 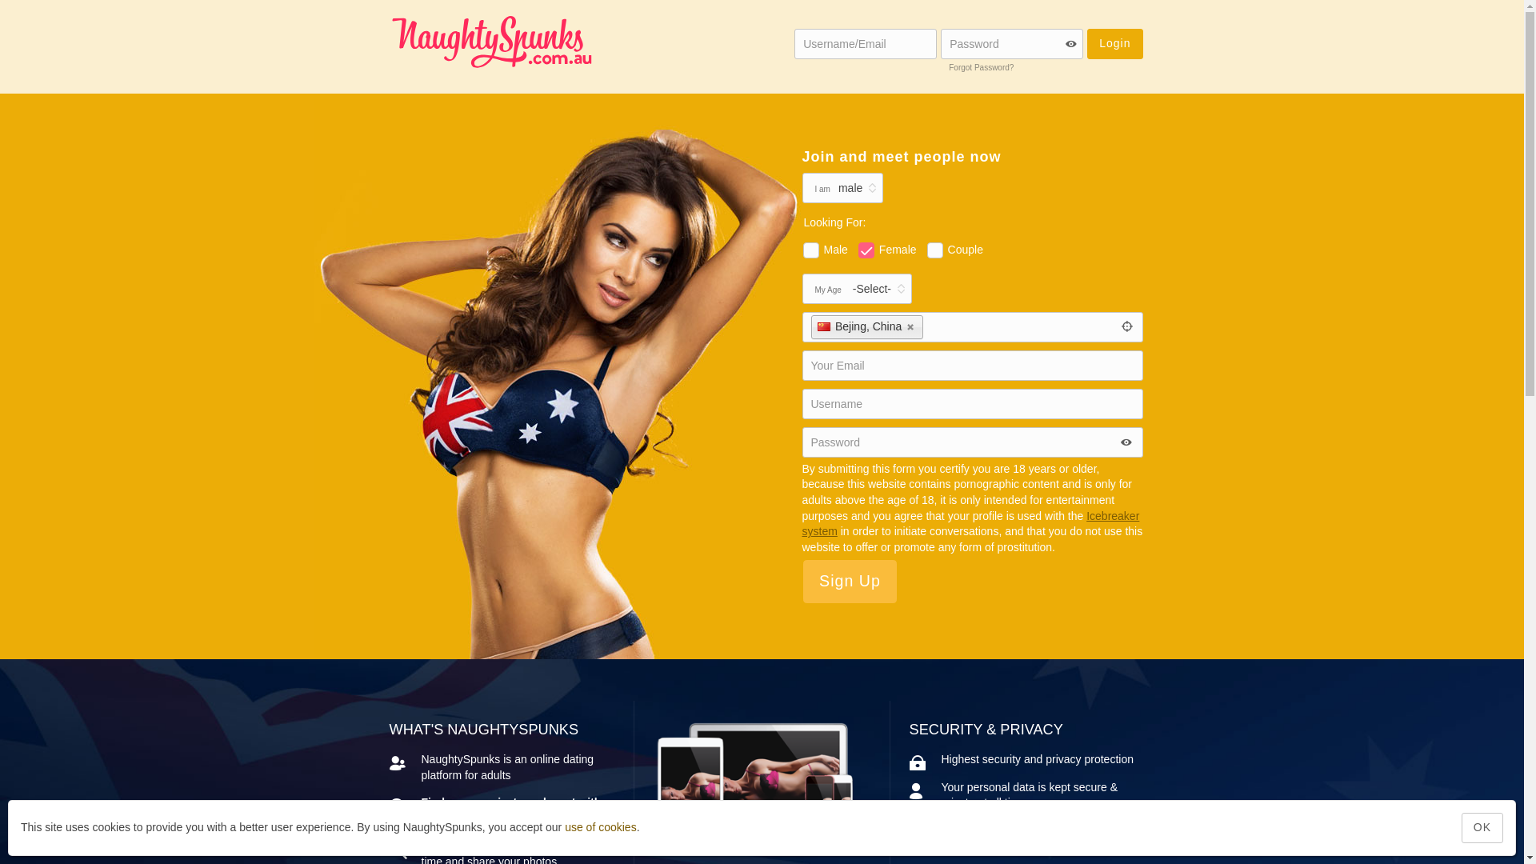 What do you see at coordinates (1024, 829) in the screenshot?
I see `'Privacy Policy'` at bounding box center [1024, 829].